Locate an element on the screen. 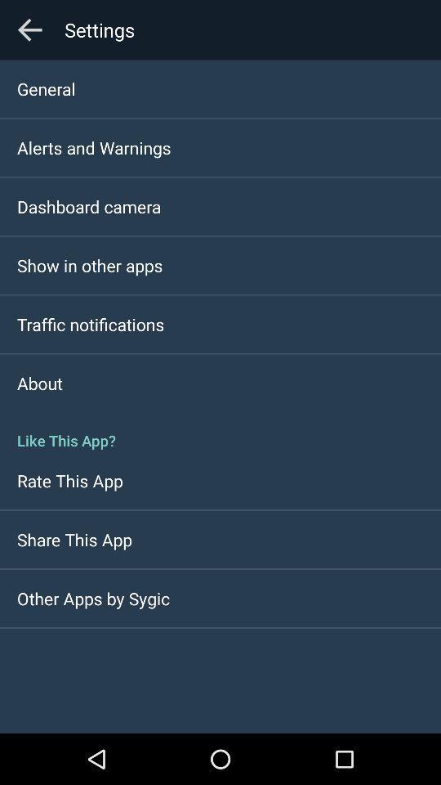  the traffic notifications item is located at coordinates (91, 323).